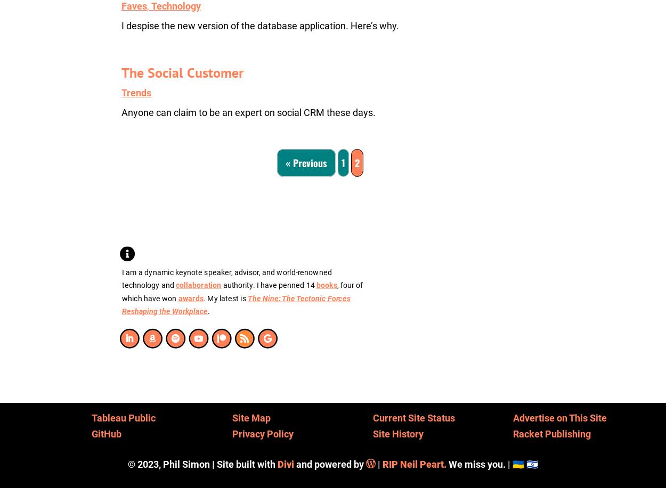  What do you see at coordinates (106, 433) in the screenshot?
I see `'GitHub'` at bounding box center [106, 433].